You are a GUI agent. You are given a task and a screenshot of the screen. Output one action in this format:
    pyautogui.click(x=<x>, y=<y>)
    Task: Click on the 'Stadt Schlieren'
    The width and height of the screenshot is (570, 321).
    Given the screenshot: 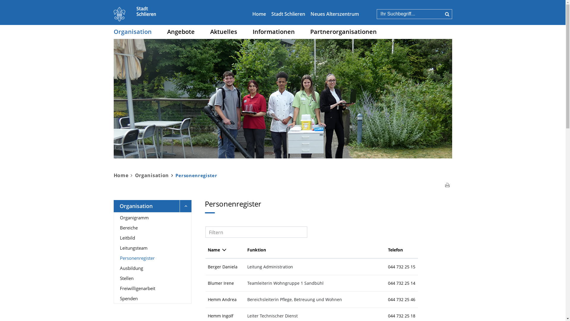 What is the action you would take?
    pyautogui.click(x=288, y=13)
    